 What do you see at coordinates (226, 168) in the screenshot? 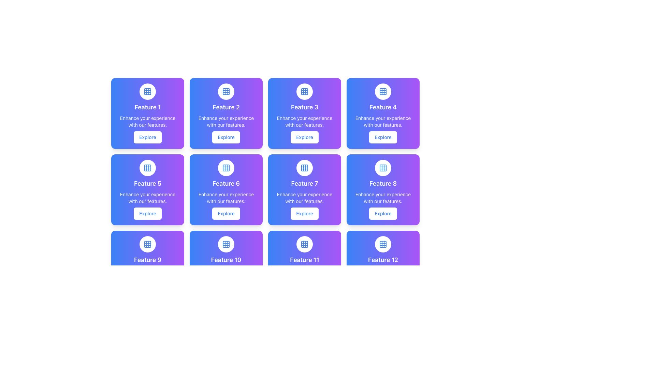
I see `the decorative grid-like icon located above the text 'Feature 6' in the second row of the grid layout` at bounding box center [226, 168].